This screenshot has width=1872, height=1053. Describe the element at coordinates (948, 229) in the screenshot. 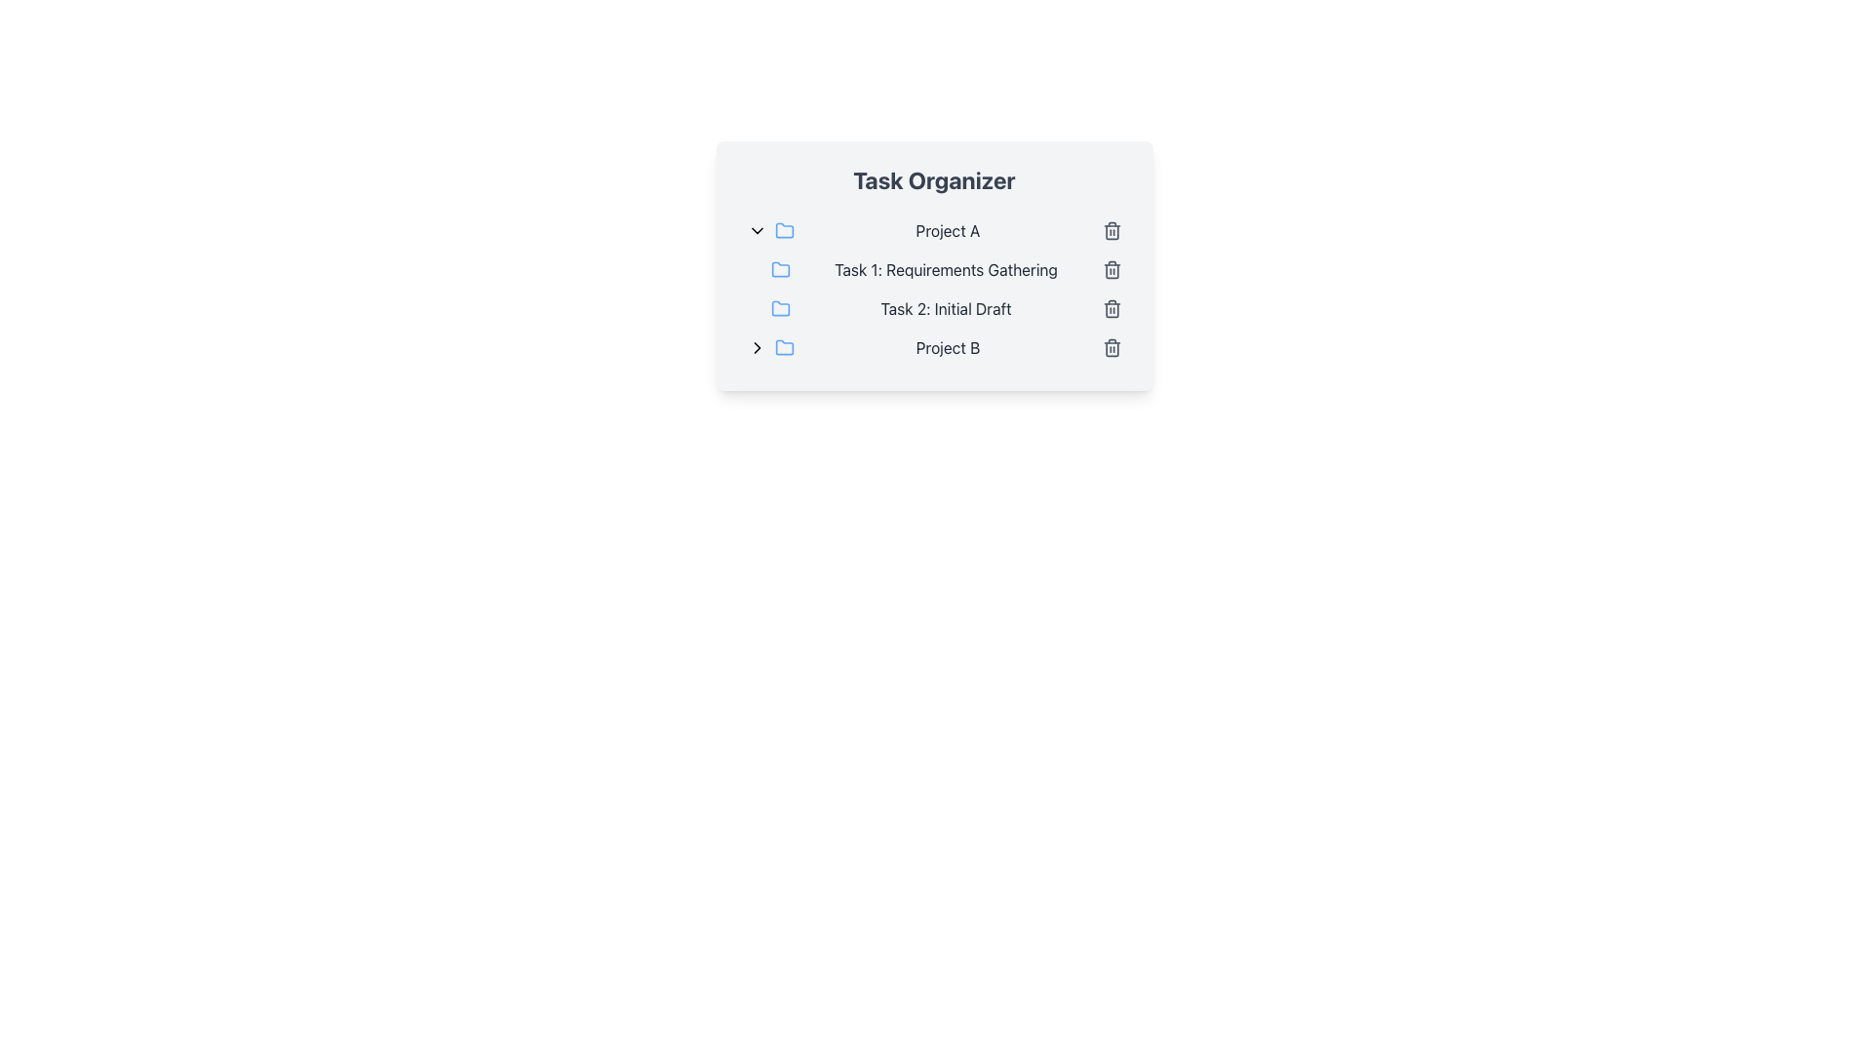

I see `the text label representing the name or title of a folder or project in the 'Task Organizer' interface` at that location.